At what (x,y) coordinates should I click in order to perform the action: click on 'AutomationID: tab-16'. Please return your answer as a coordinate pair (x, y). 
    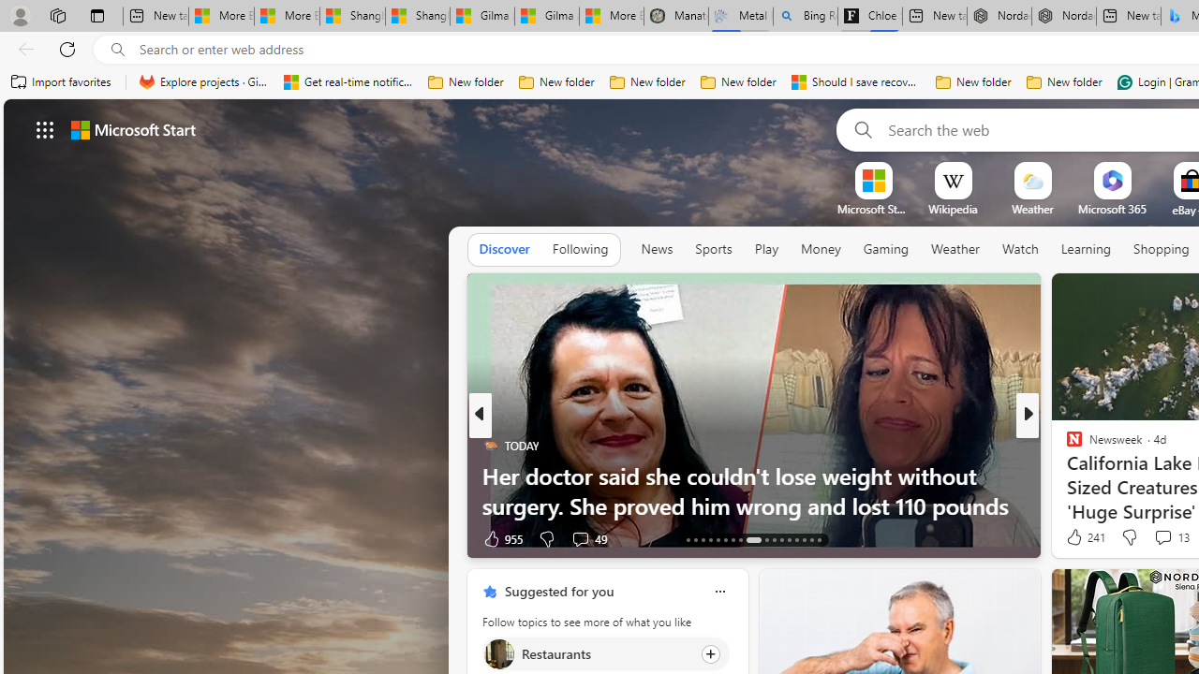
    Looking at the image, I should click on (709, 540).